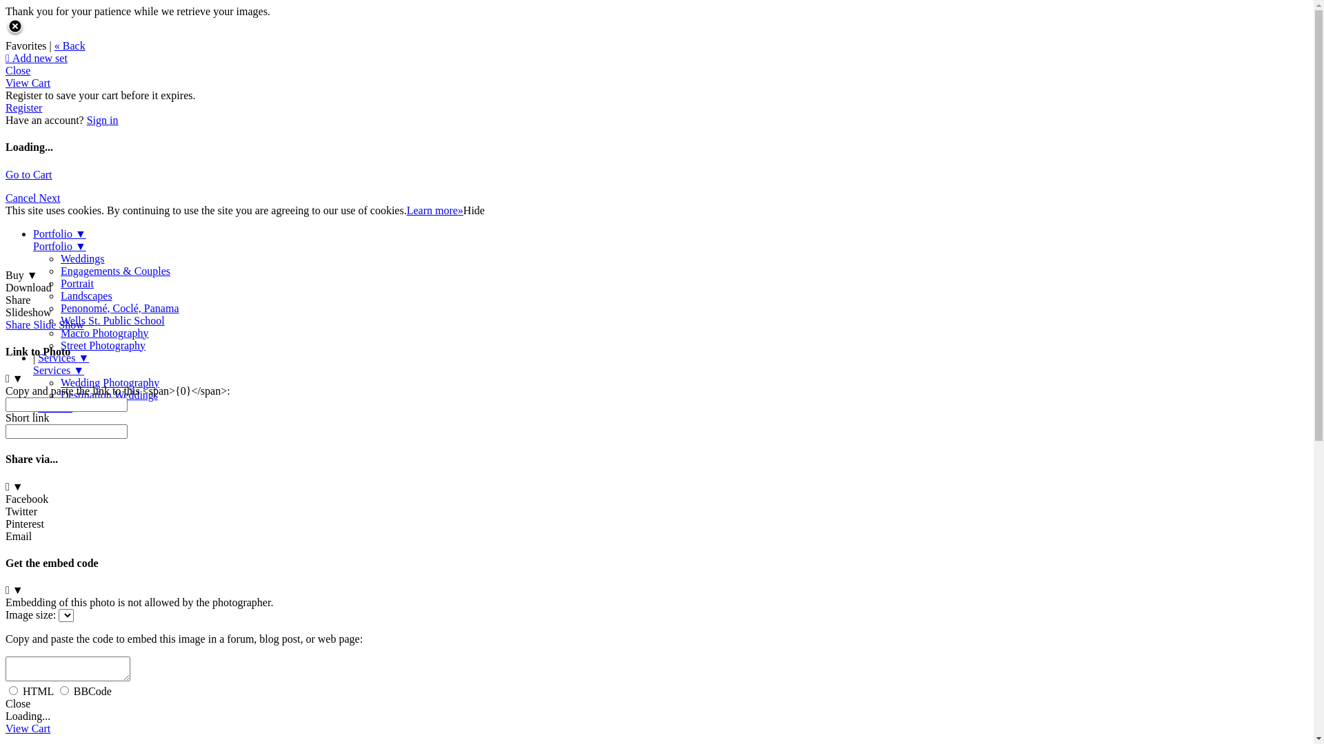  Describe the element at coordinates (17, 70) in the screenshot. I see `'Close'` at that location.